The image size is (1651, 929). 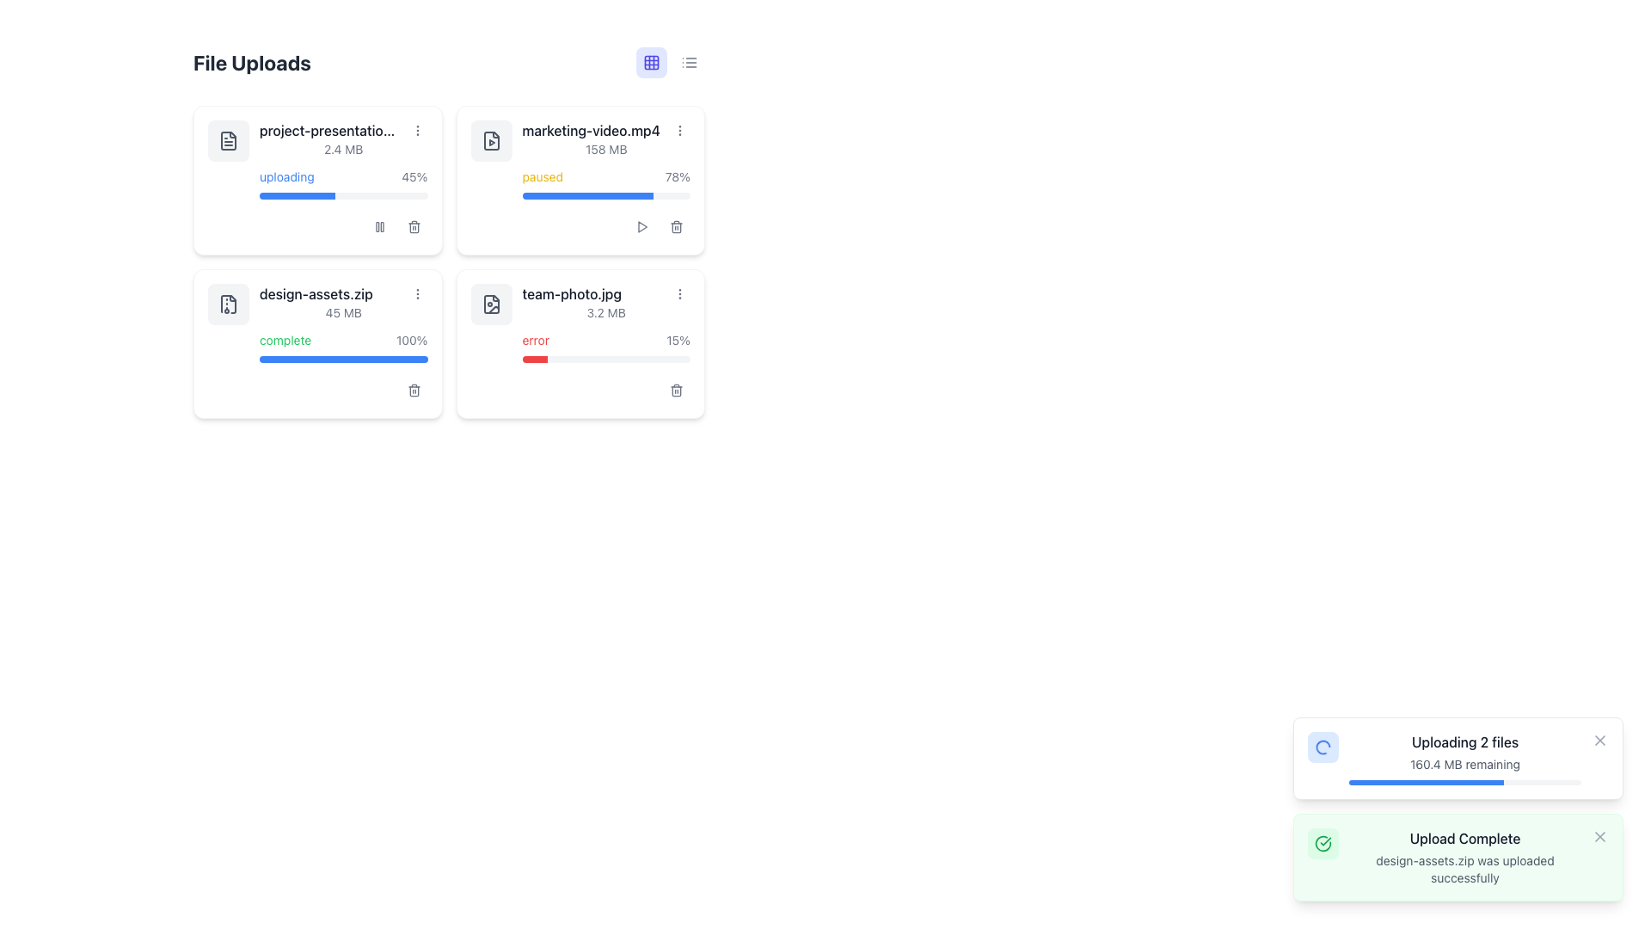 What do you see at coordinates (606, 183) in the screenshot?
I see `the progress bar indicating the status of the file upload for 'marketing-video.mp4', located in the second card of the file upload section` at bounding box center [606, 183].